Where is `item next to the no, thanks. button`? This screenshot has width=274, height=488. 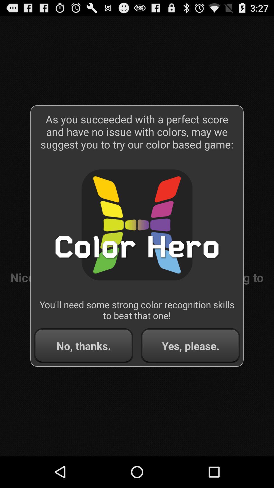
item next to the no, thanks. button is located at coordinates (190, 346).